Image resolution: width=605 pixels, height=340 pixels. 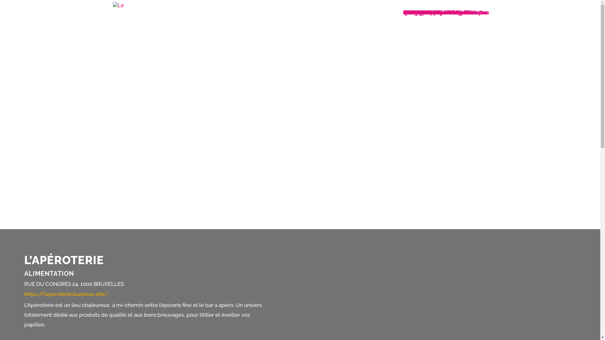 I want to click on 'Rue Neuve et alentours', so click(x=402, y=12).